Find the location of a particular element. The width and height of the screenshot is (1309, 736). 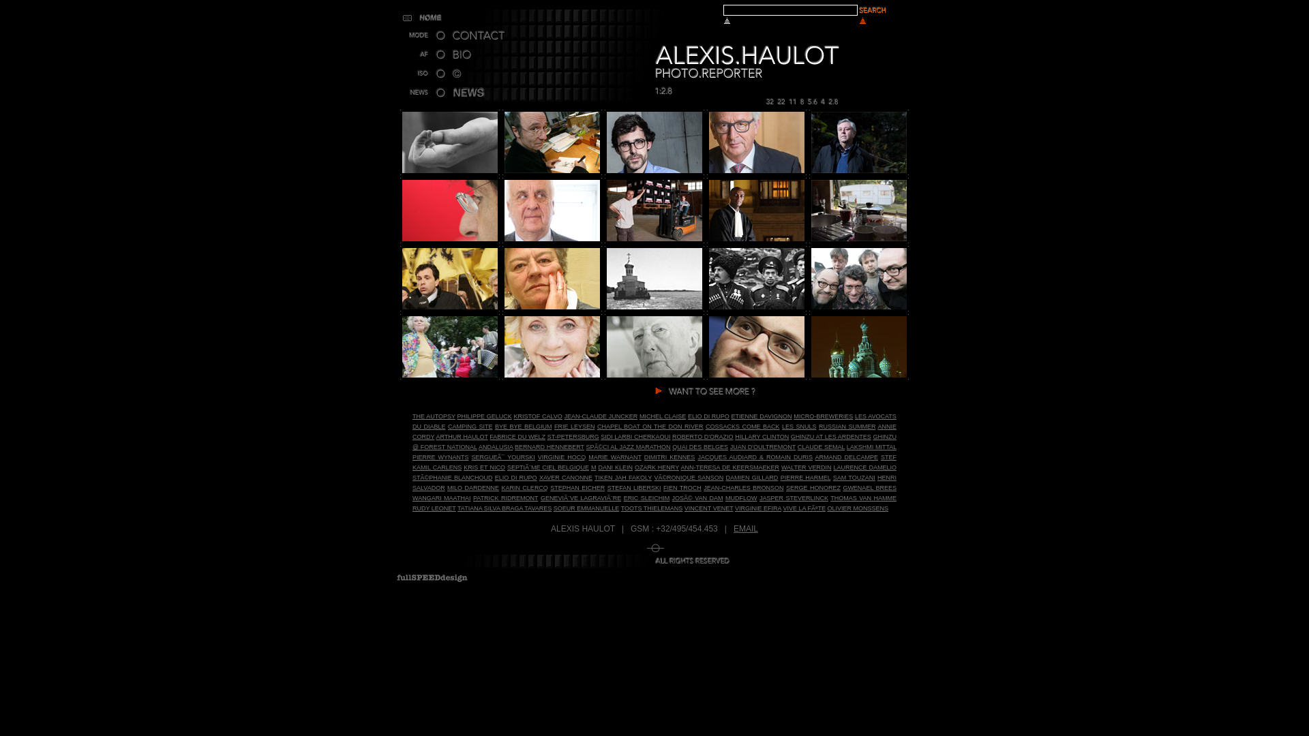

'MARIE WARNANT' is located at coordinates (588, 457).